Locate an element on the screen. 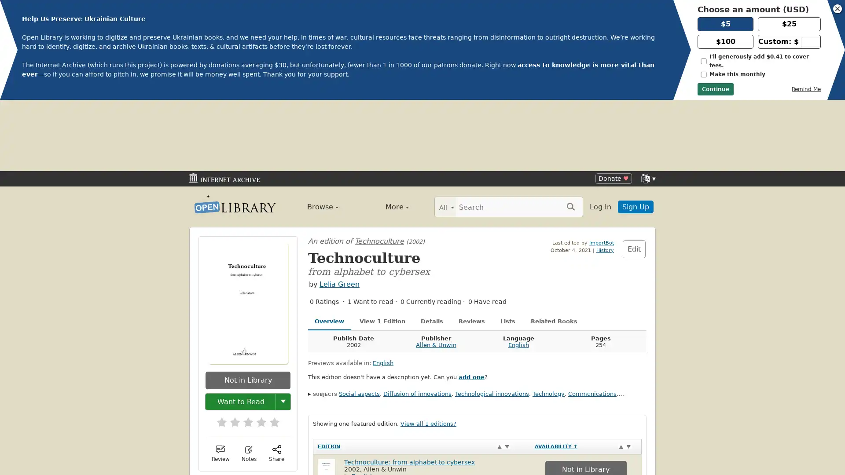 This screenshot has height=475, width=845. Want to Read is located at coordinates (241, 330).